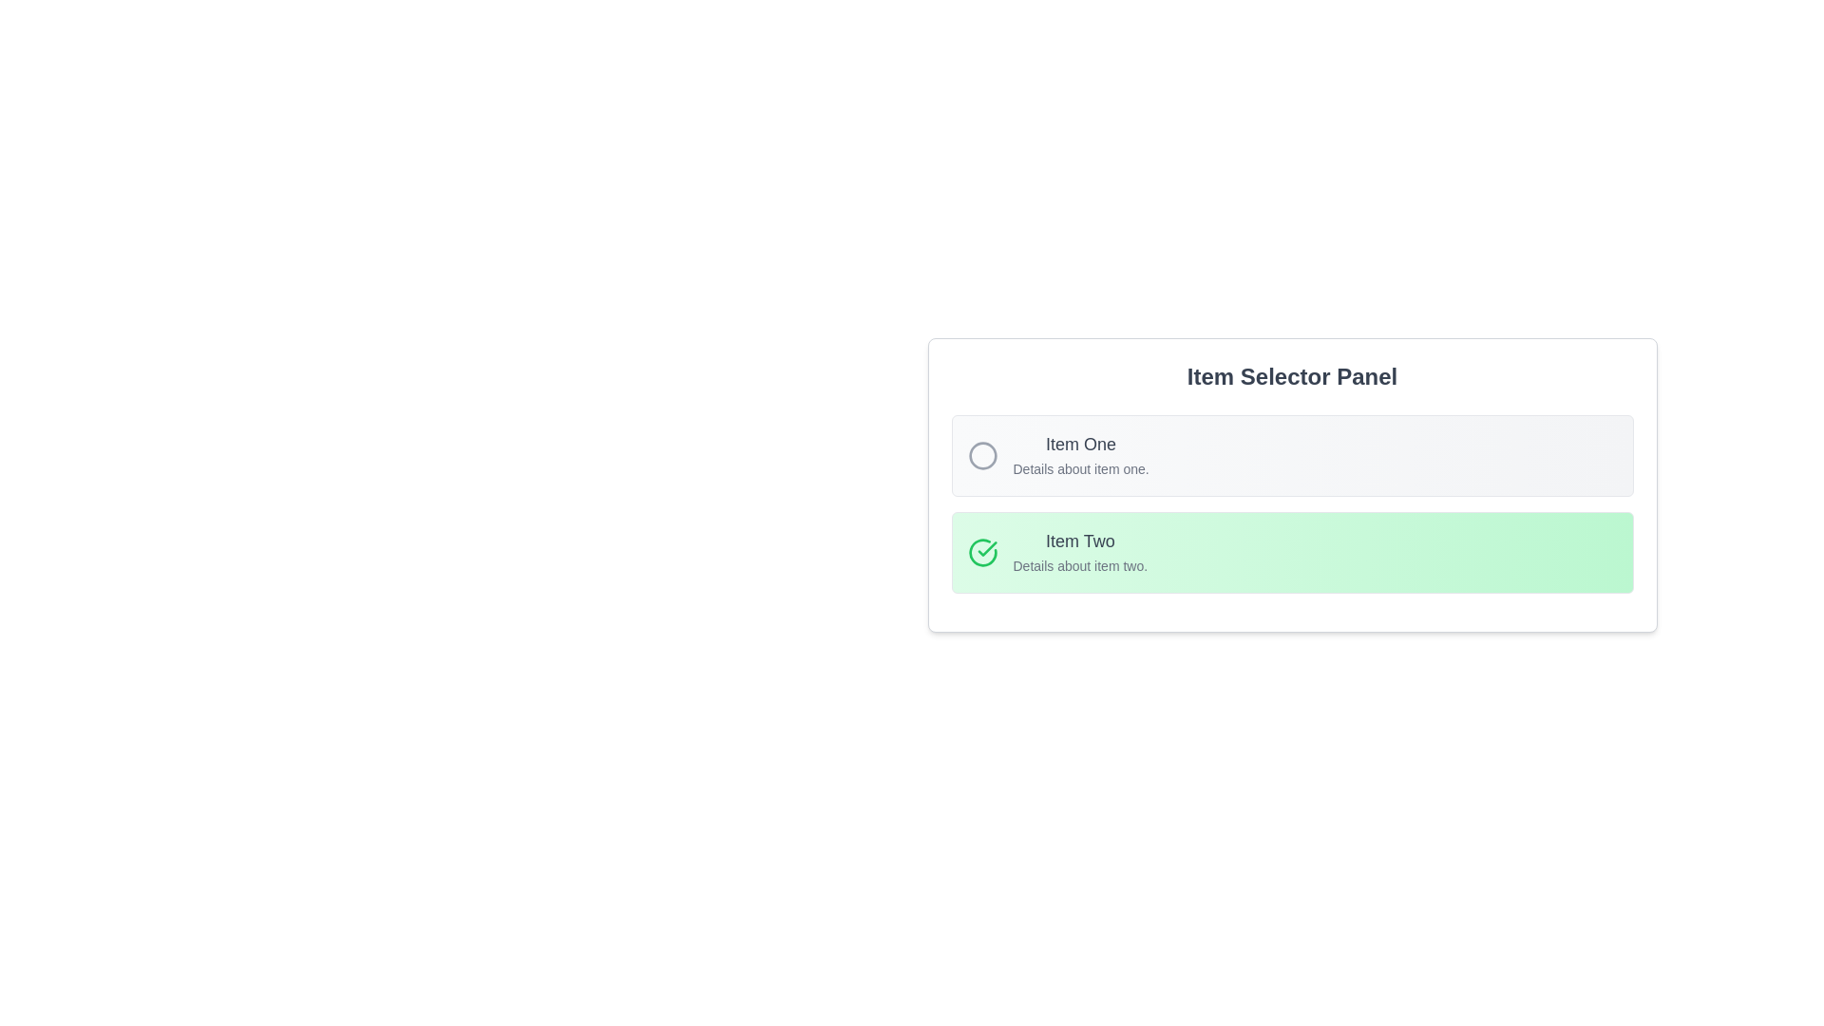 This screenshot has width=1824, height=1026. Describe the element at coordinates (1292, 553) in the screenshot. I see `to select the 'Item Two' option in the 'Item Selector Panel', which is visually represented with a green checkmark and highlighted appearance` at that location.